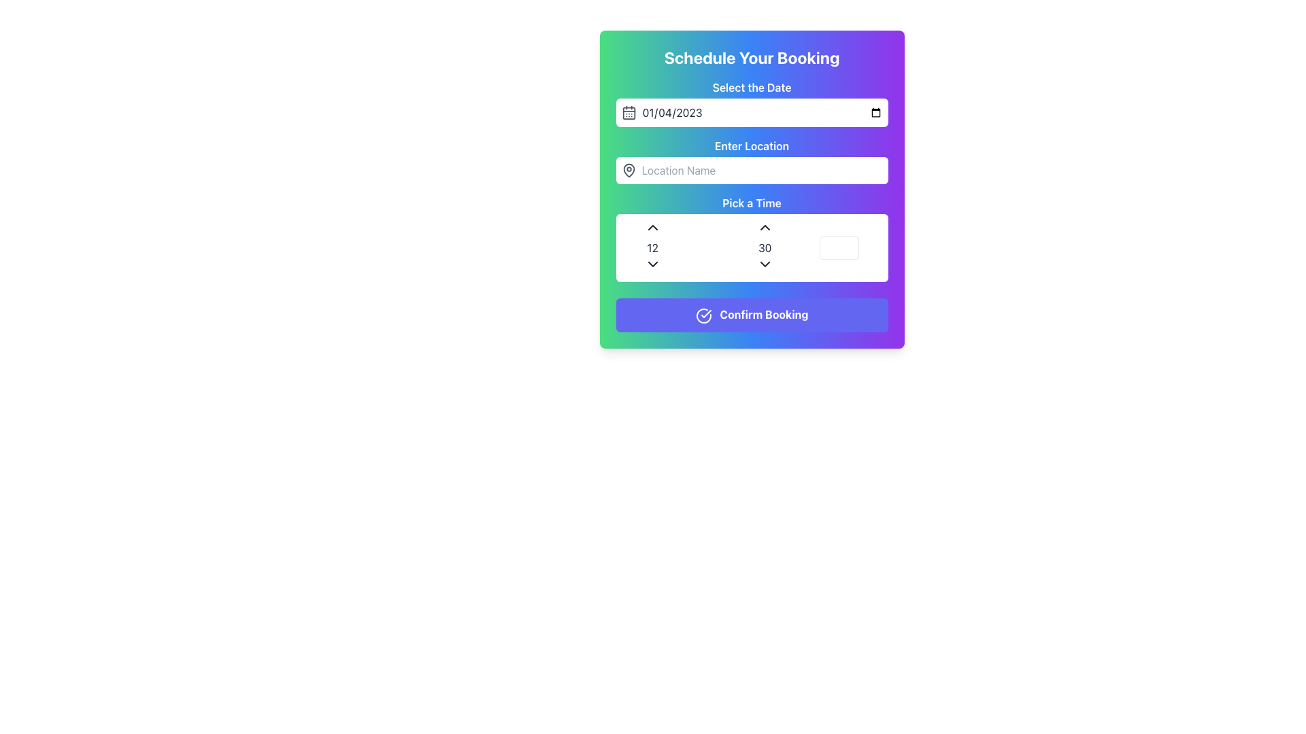 The image size is (1306, 734). Describe the element at coordinates (751, 102) in the screenshot. I see `the text label 'Select the Date', which provides contextual information for the adjacent date input field located below the header 'Schedule Your Booking'` at that location.